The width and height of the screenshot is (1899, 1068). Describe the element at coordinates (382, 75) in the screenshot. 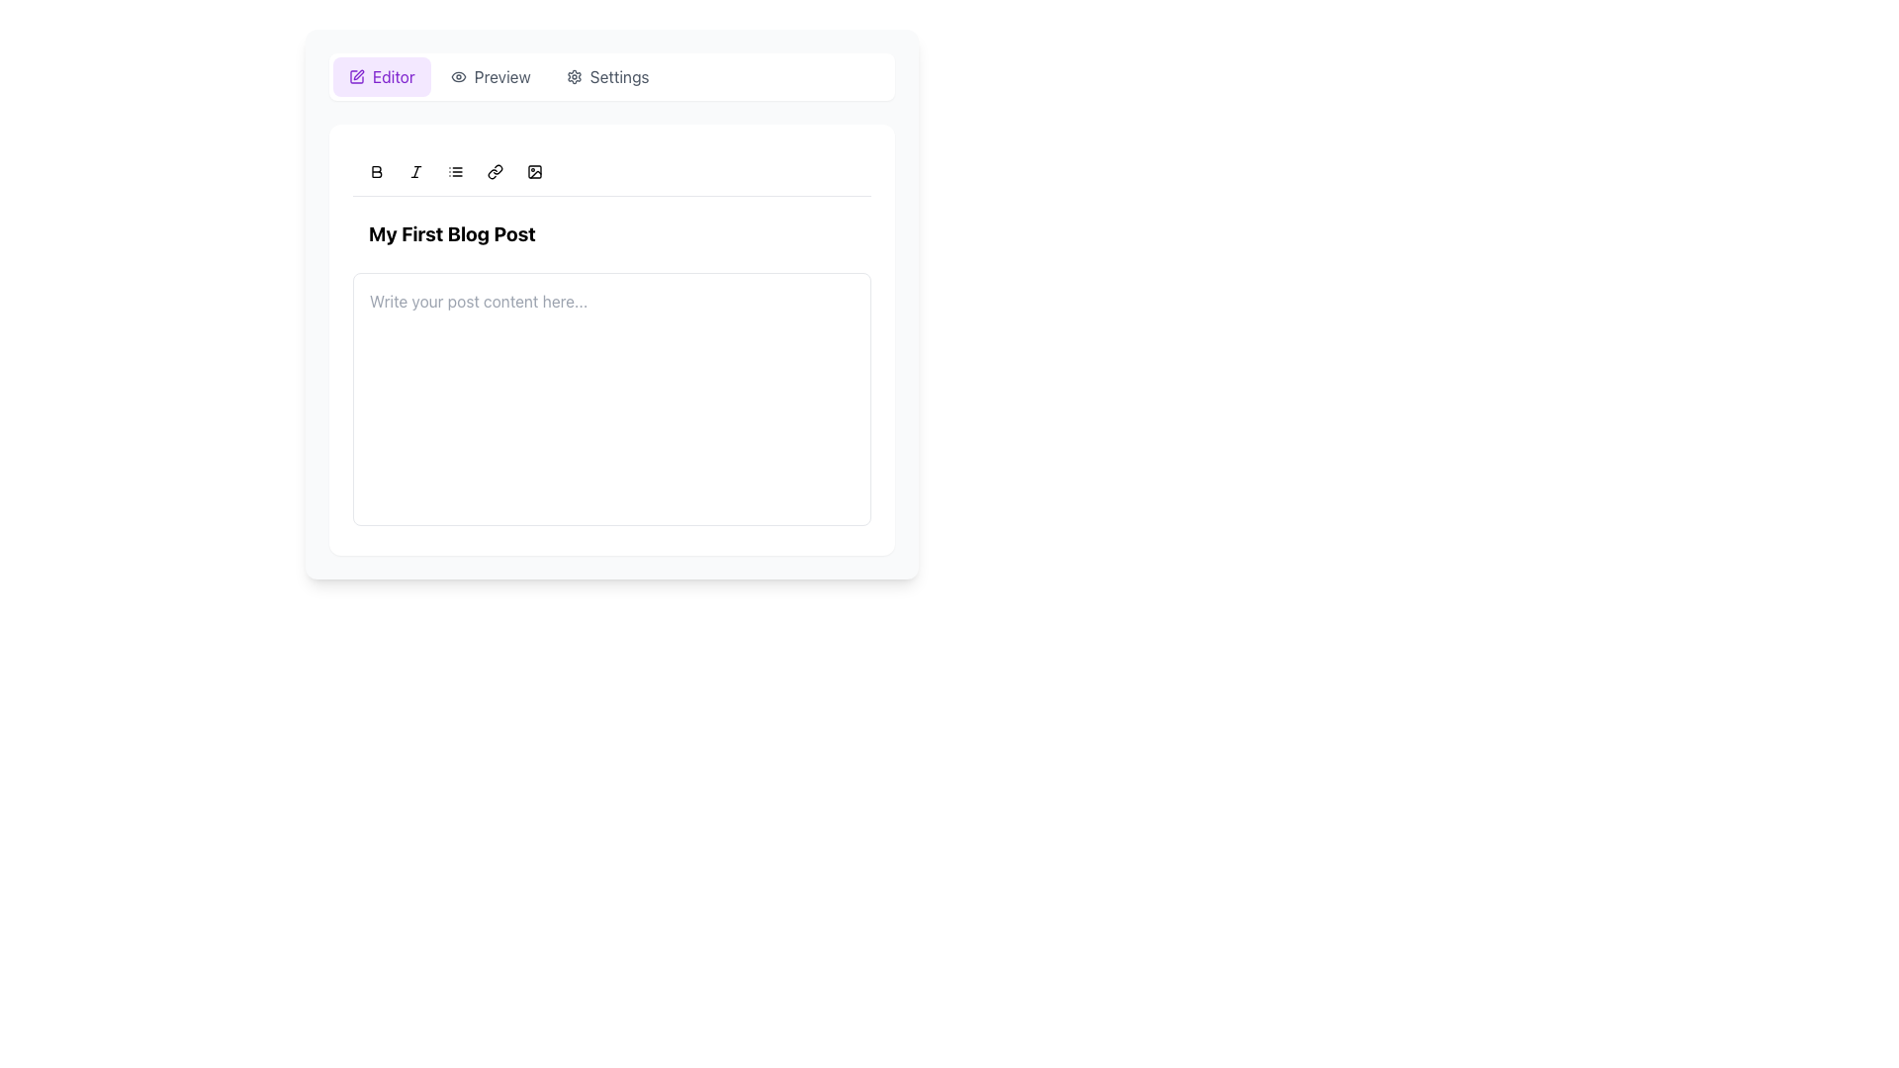

I see `the toggle button located at the top-left of the interface` at that location.